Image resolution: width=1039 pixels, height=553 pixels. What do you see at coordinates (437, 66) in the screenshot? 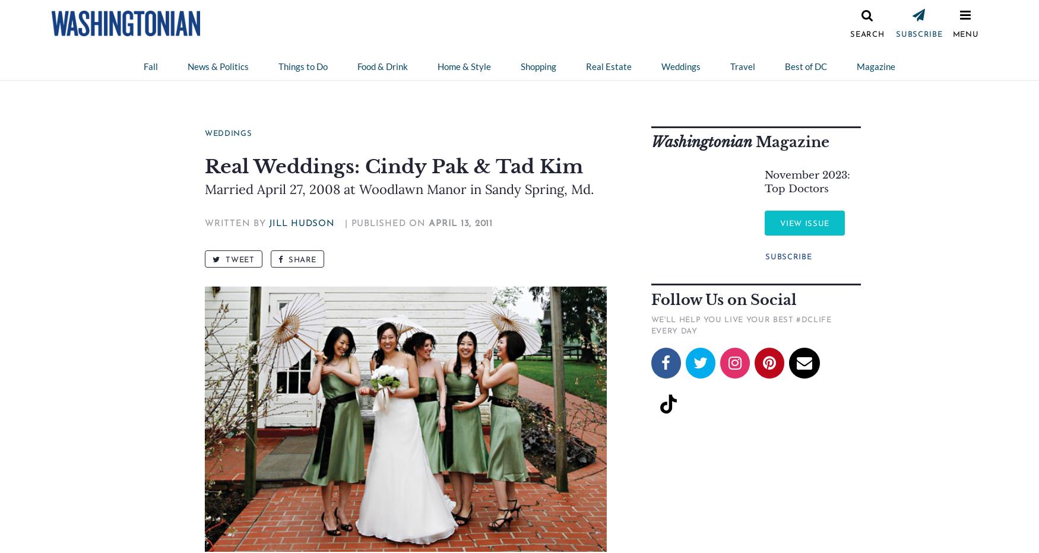
I see `'Home & Style'` at bounding box center [437, 66].